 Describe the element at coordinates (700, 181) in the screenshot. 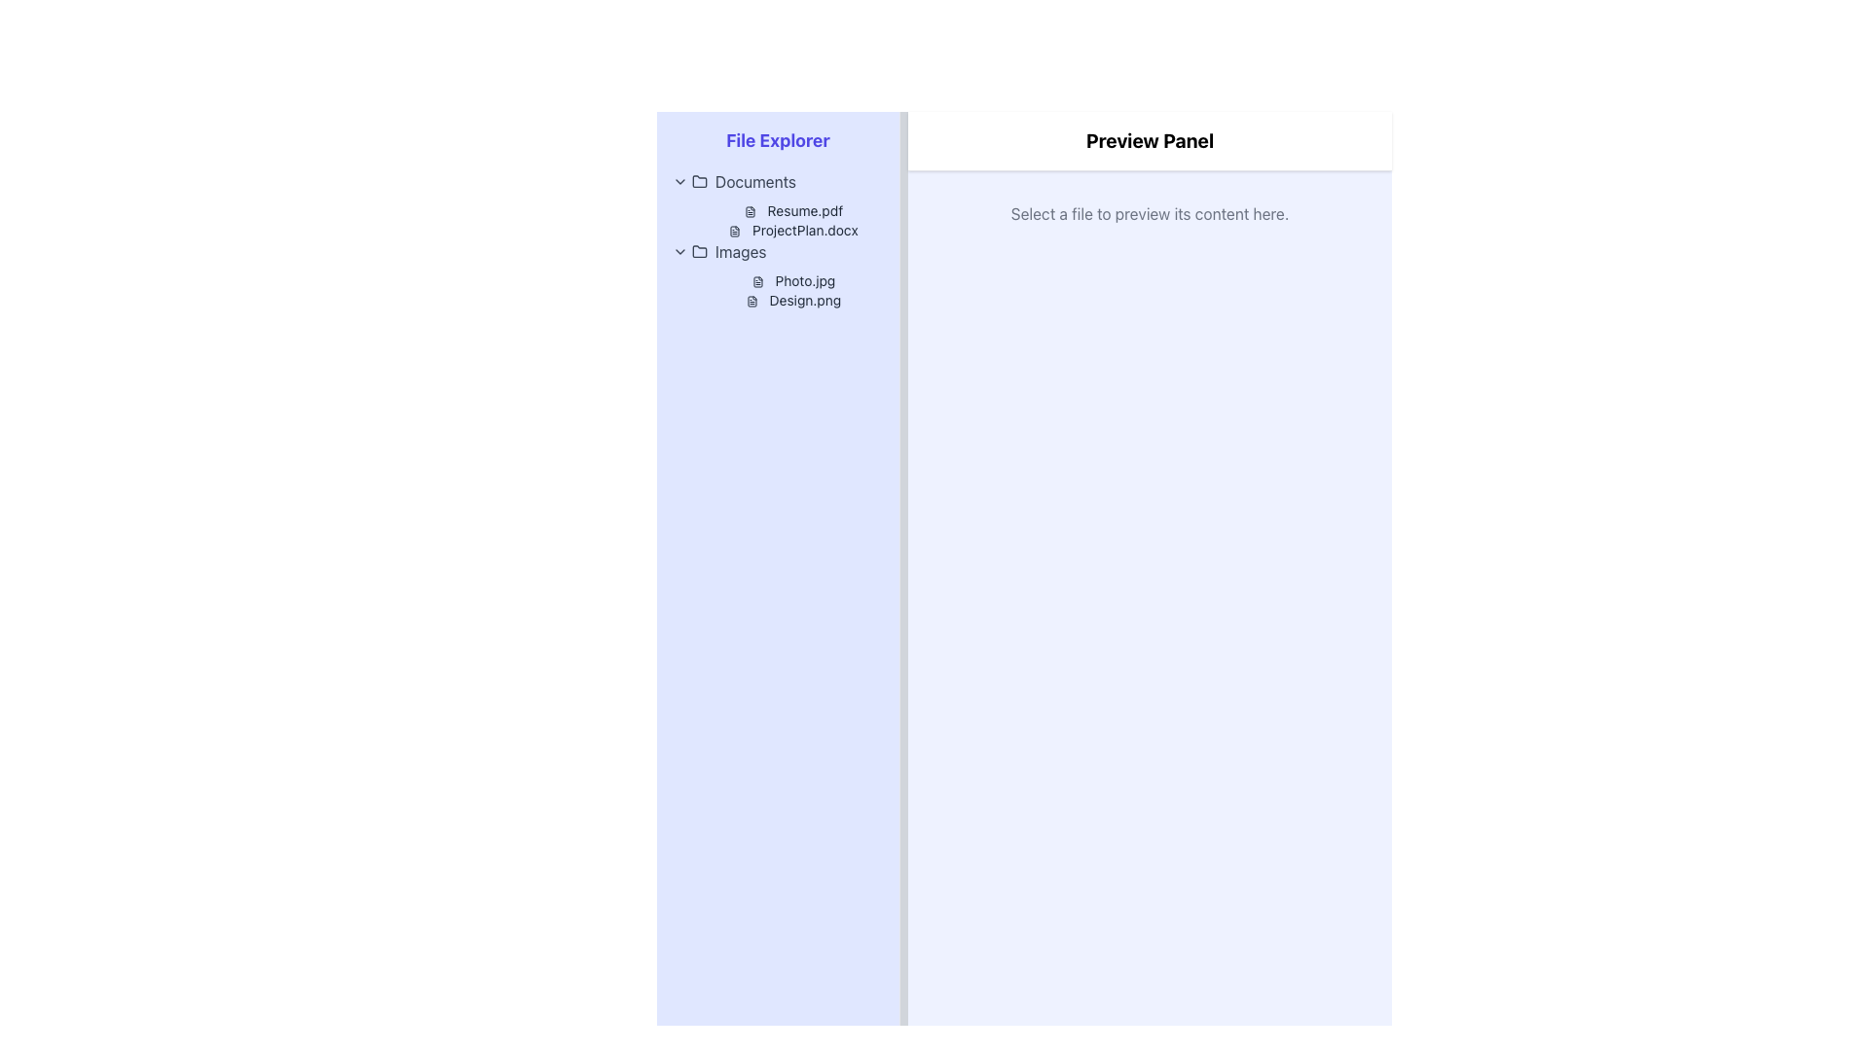

I see `the blue folder-shaped icon with an outlined graphic design in the Documents section of the file explorer` at that location.